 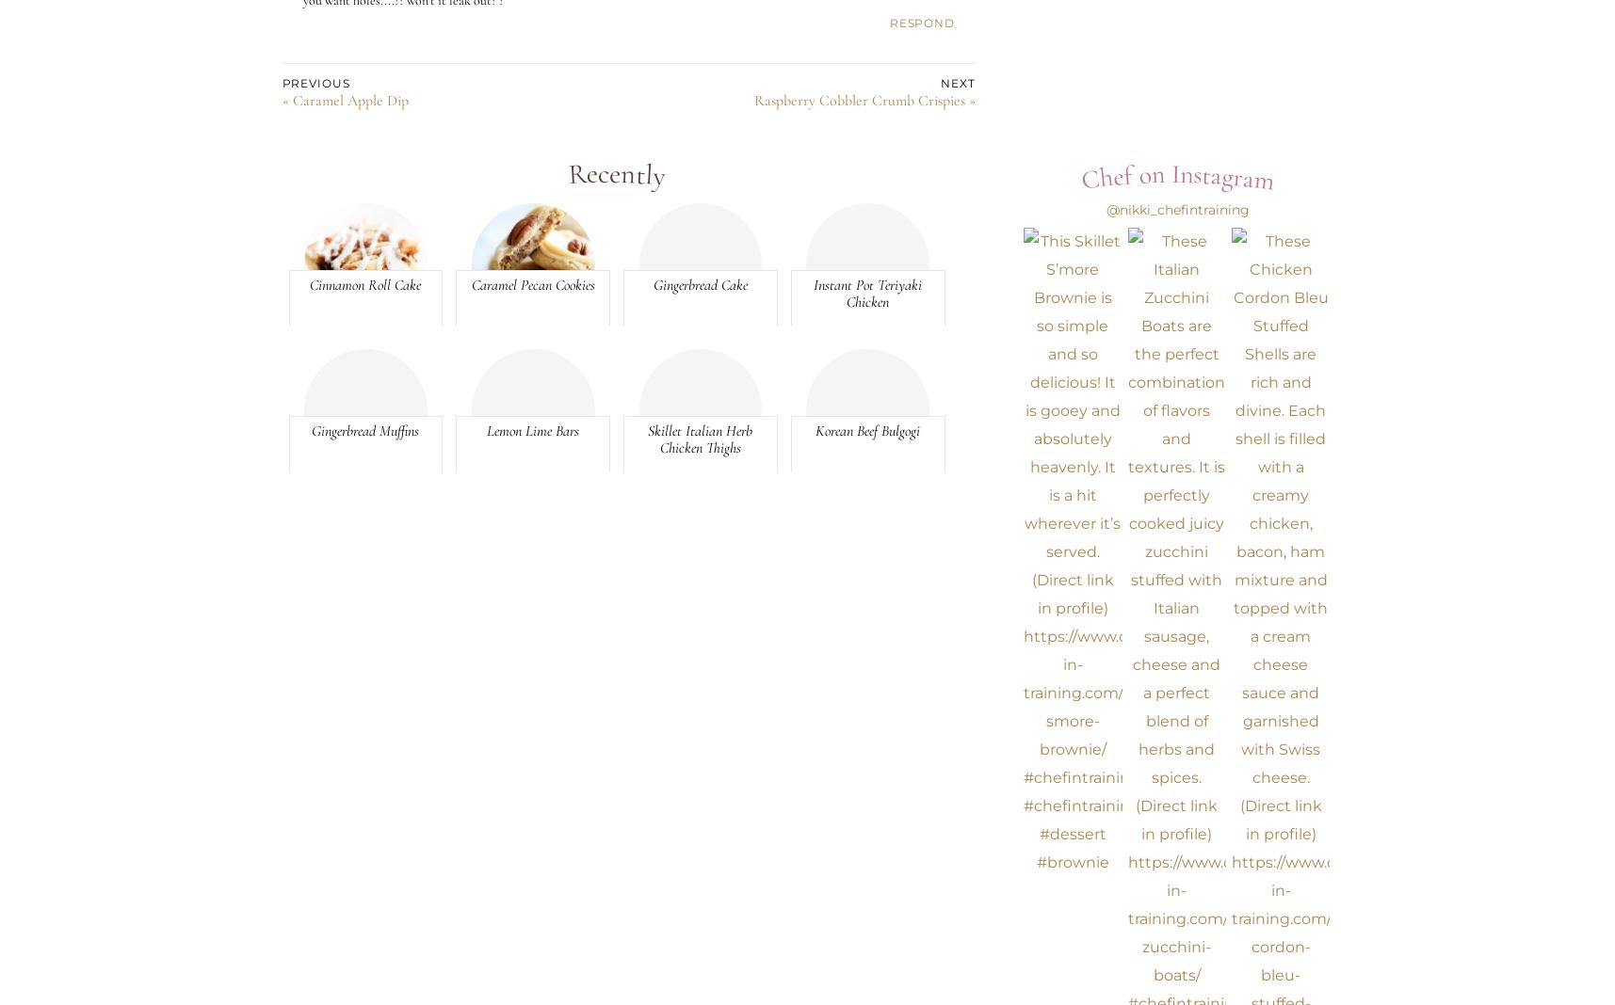 What do you see at coordinates (698, 283) in the screenshot?
I see `'Gingerbread Cake'` at bounding box center [698, 283].